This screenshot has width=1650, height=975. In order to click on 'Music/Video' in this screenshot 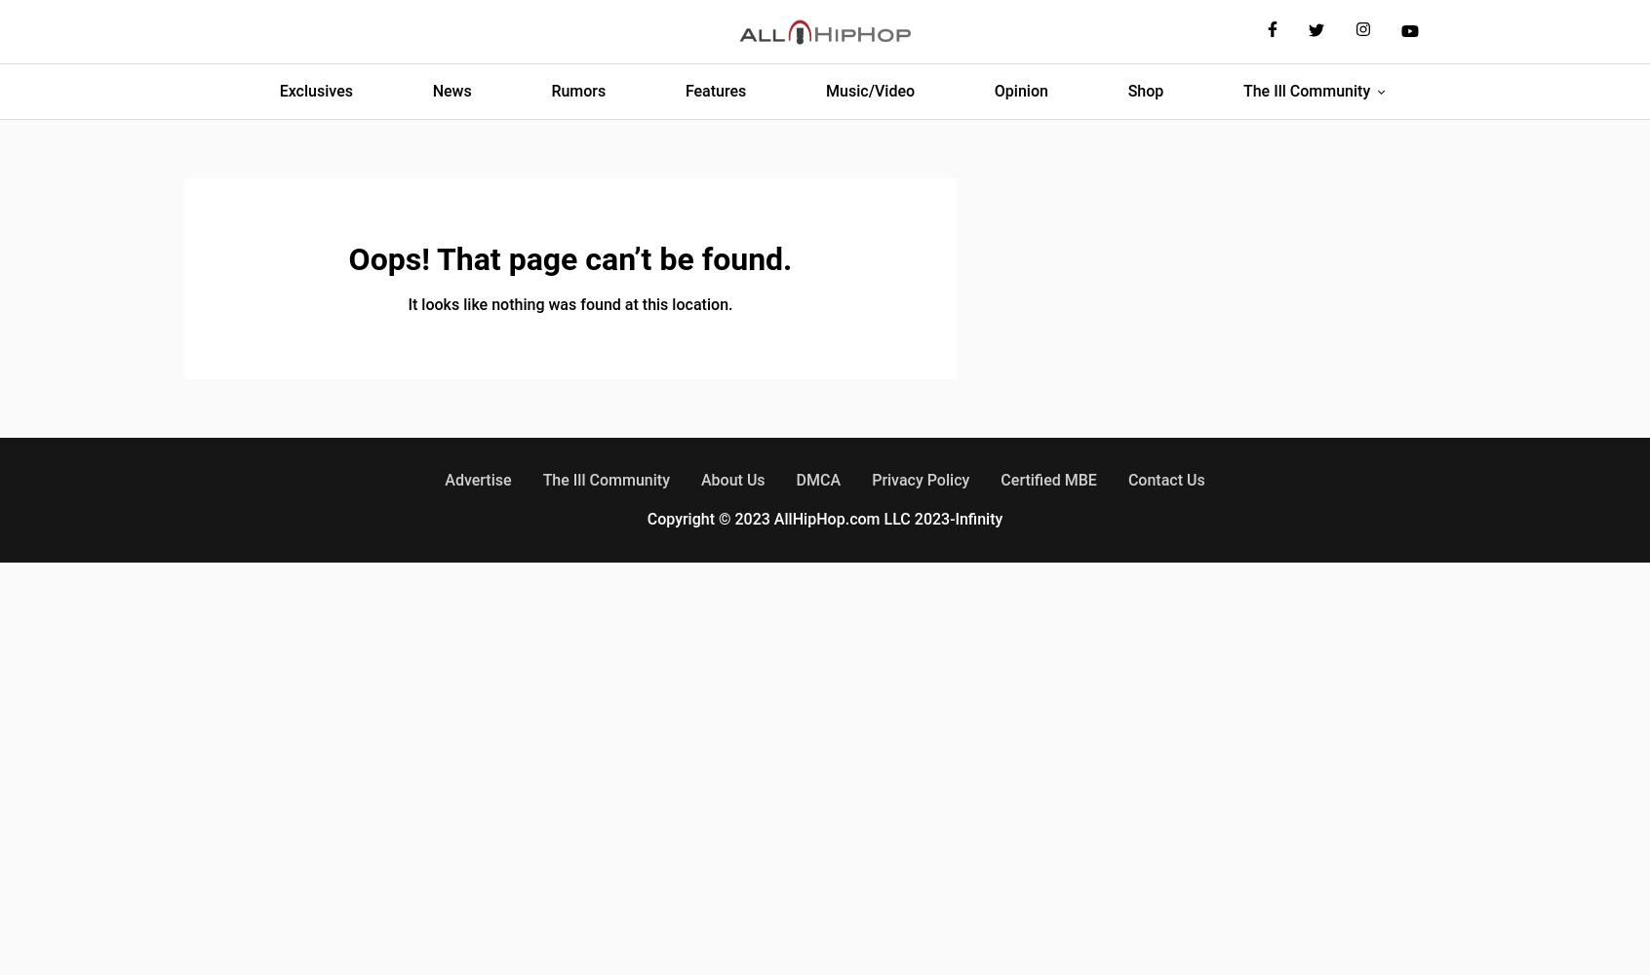, I will do `click(869, 90)`.